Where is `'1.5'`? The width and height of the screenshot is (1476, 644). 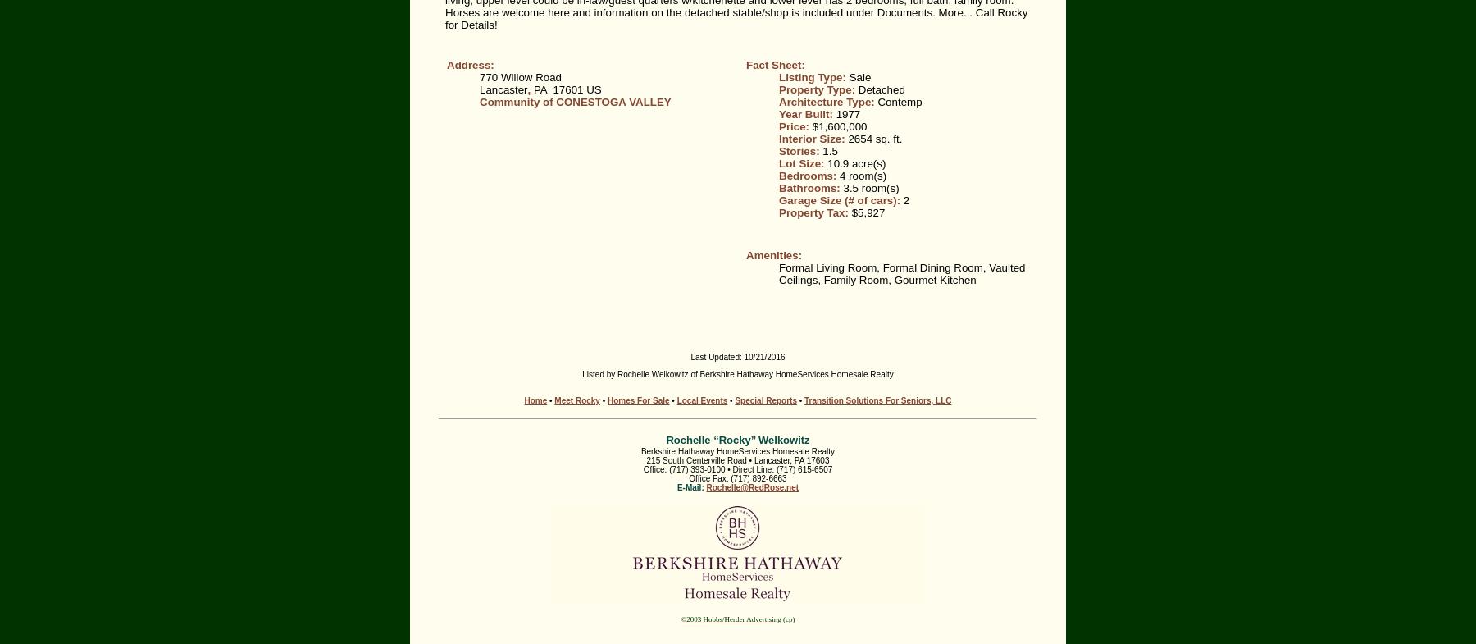 '1.5' is located at coordinates (828, 150).